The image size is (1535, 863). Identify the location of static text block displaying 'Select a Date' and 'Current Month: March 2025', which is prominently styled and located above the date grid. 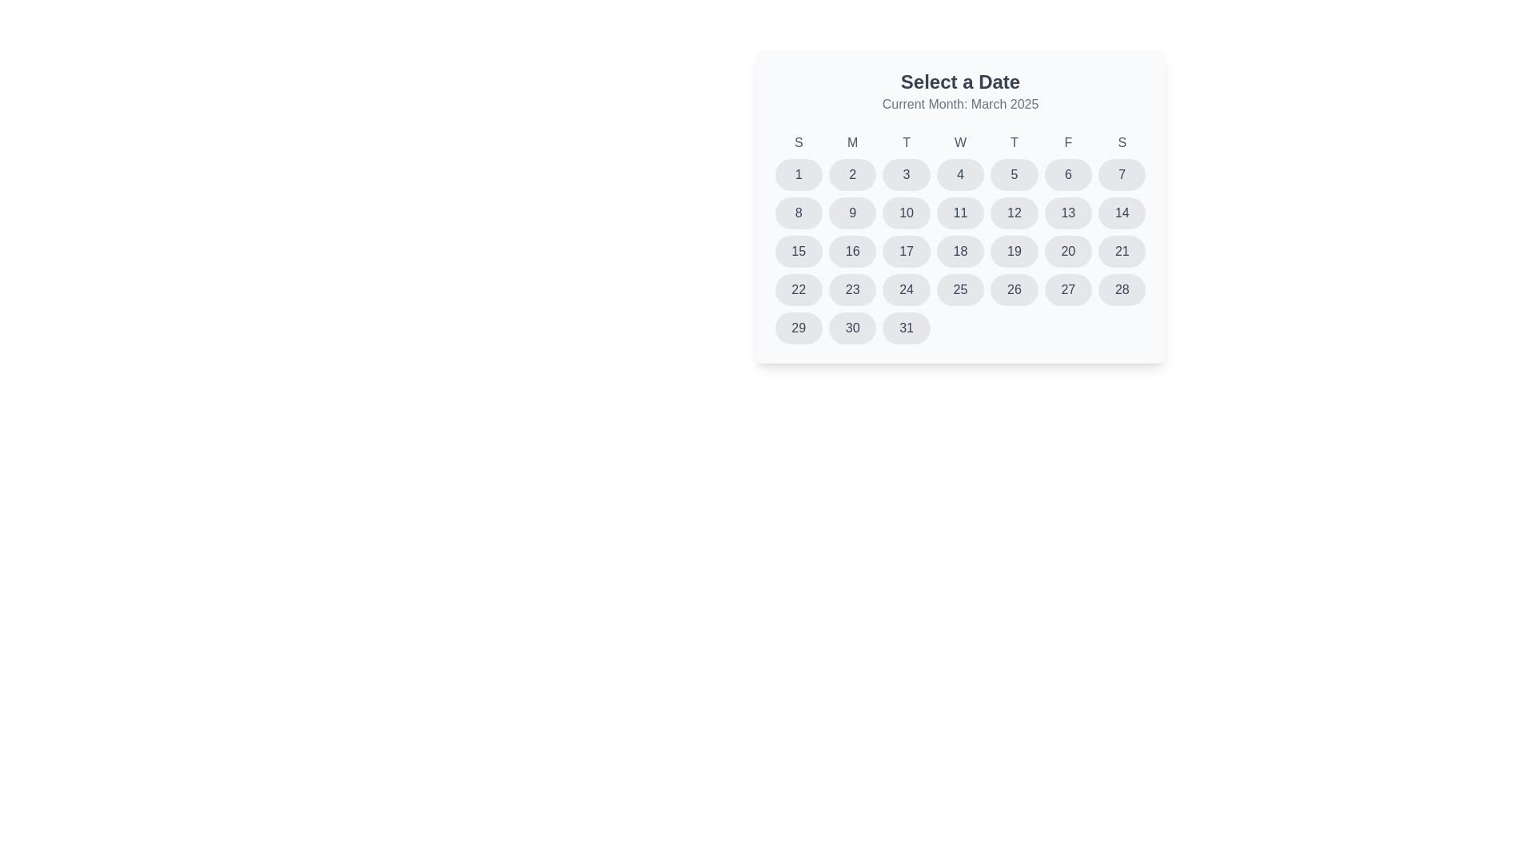
(959, 92).